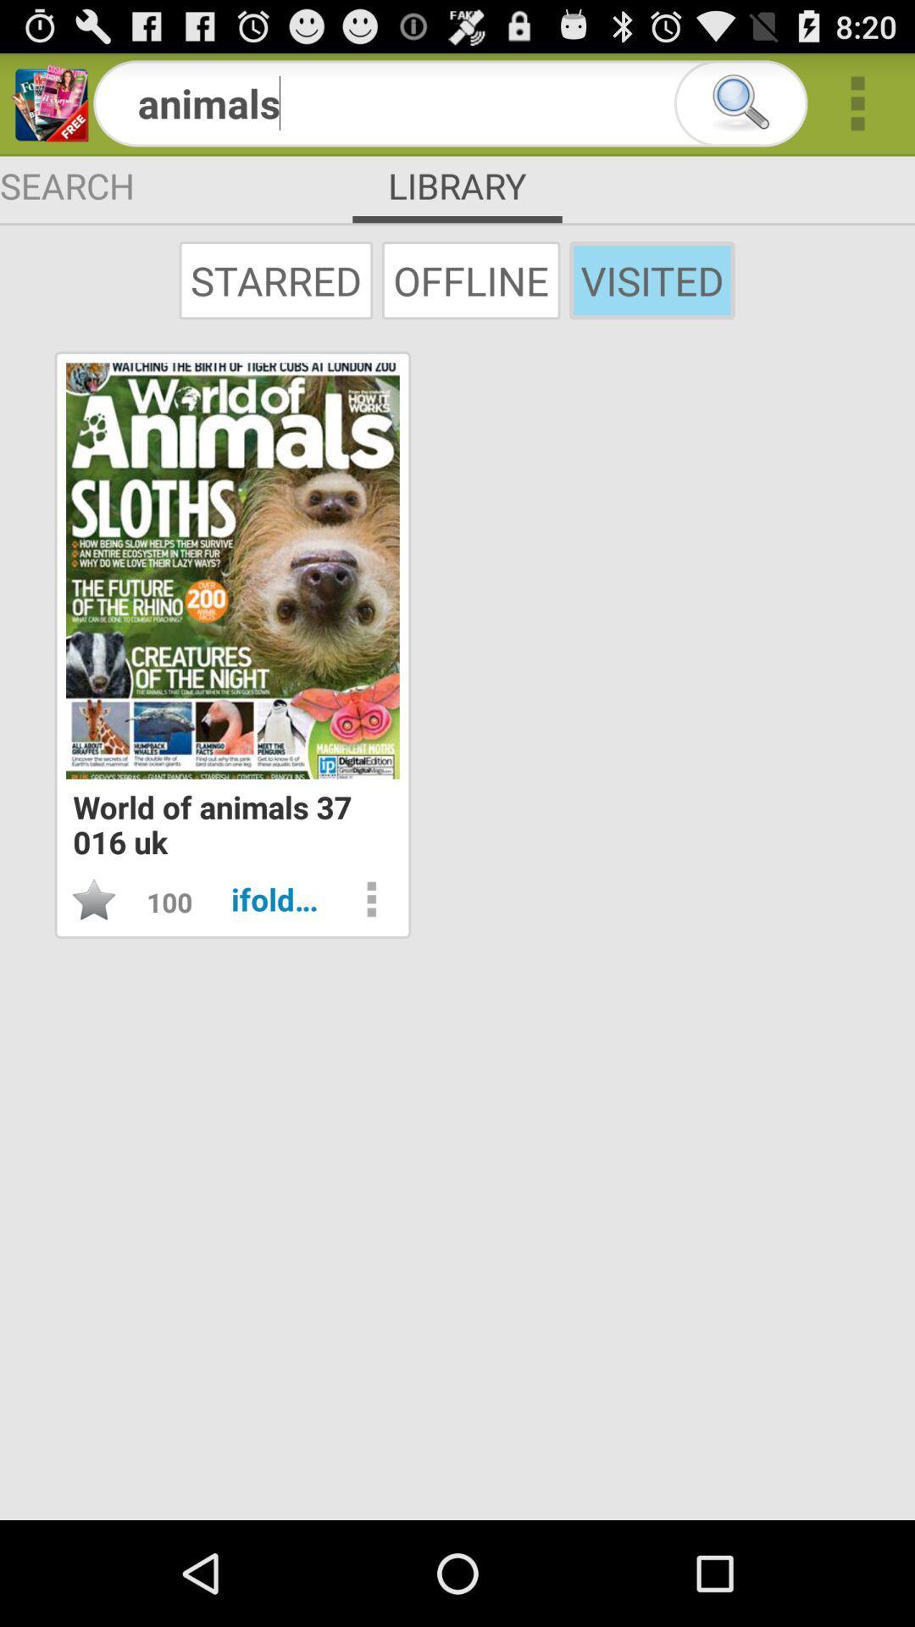  I want to click on more options, so click(857, 103).